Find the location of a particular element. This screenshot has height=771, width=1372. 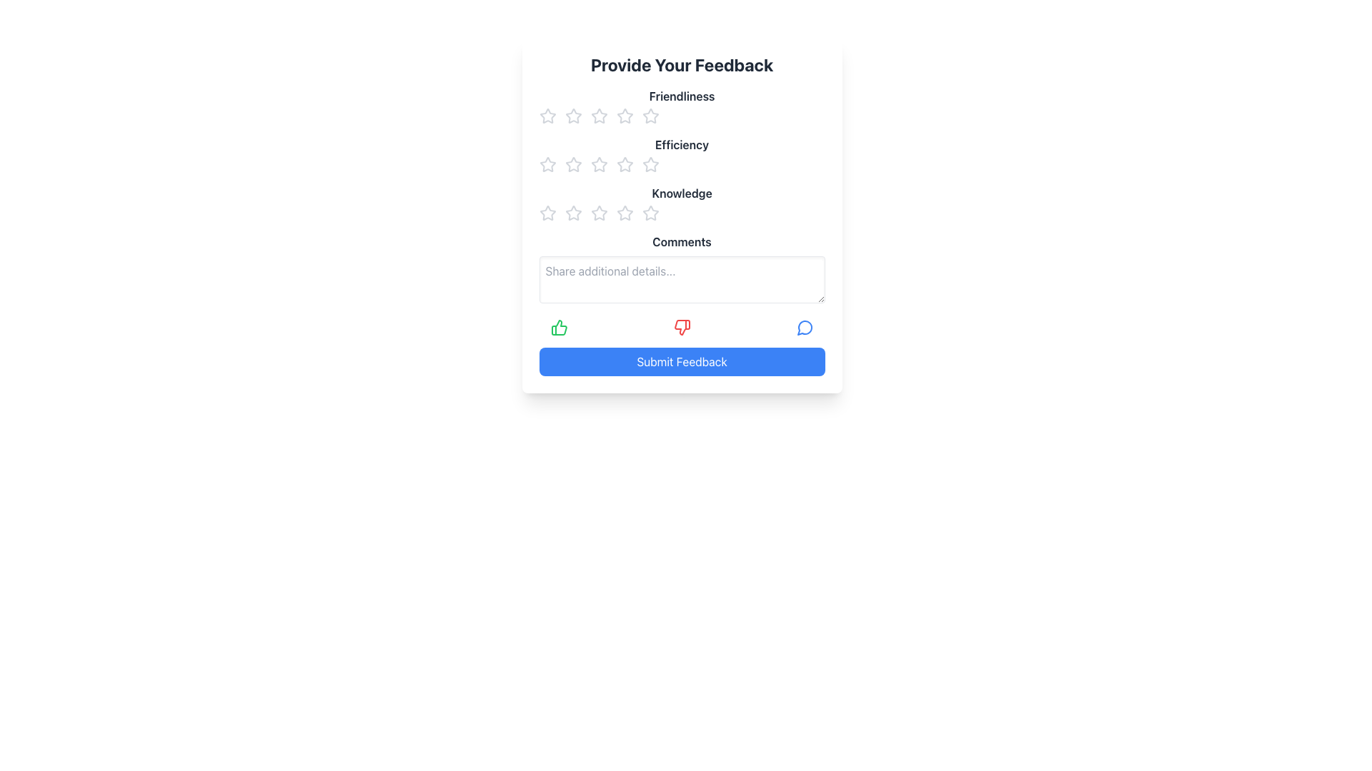

the first star icon in the 'Efficiency' section is located at coordinates (547, 163).